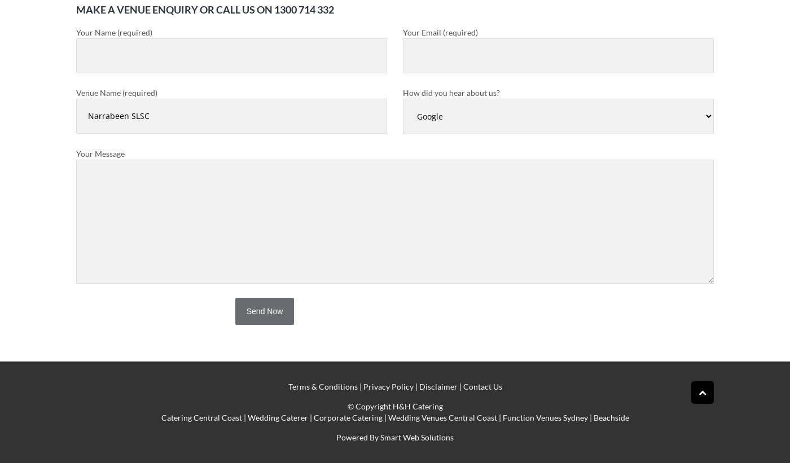 The image size is (790, 463). Describe the element at coordinates (99, 153) in the screenshot. I see `'Your Message'` at that location.